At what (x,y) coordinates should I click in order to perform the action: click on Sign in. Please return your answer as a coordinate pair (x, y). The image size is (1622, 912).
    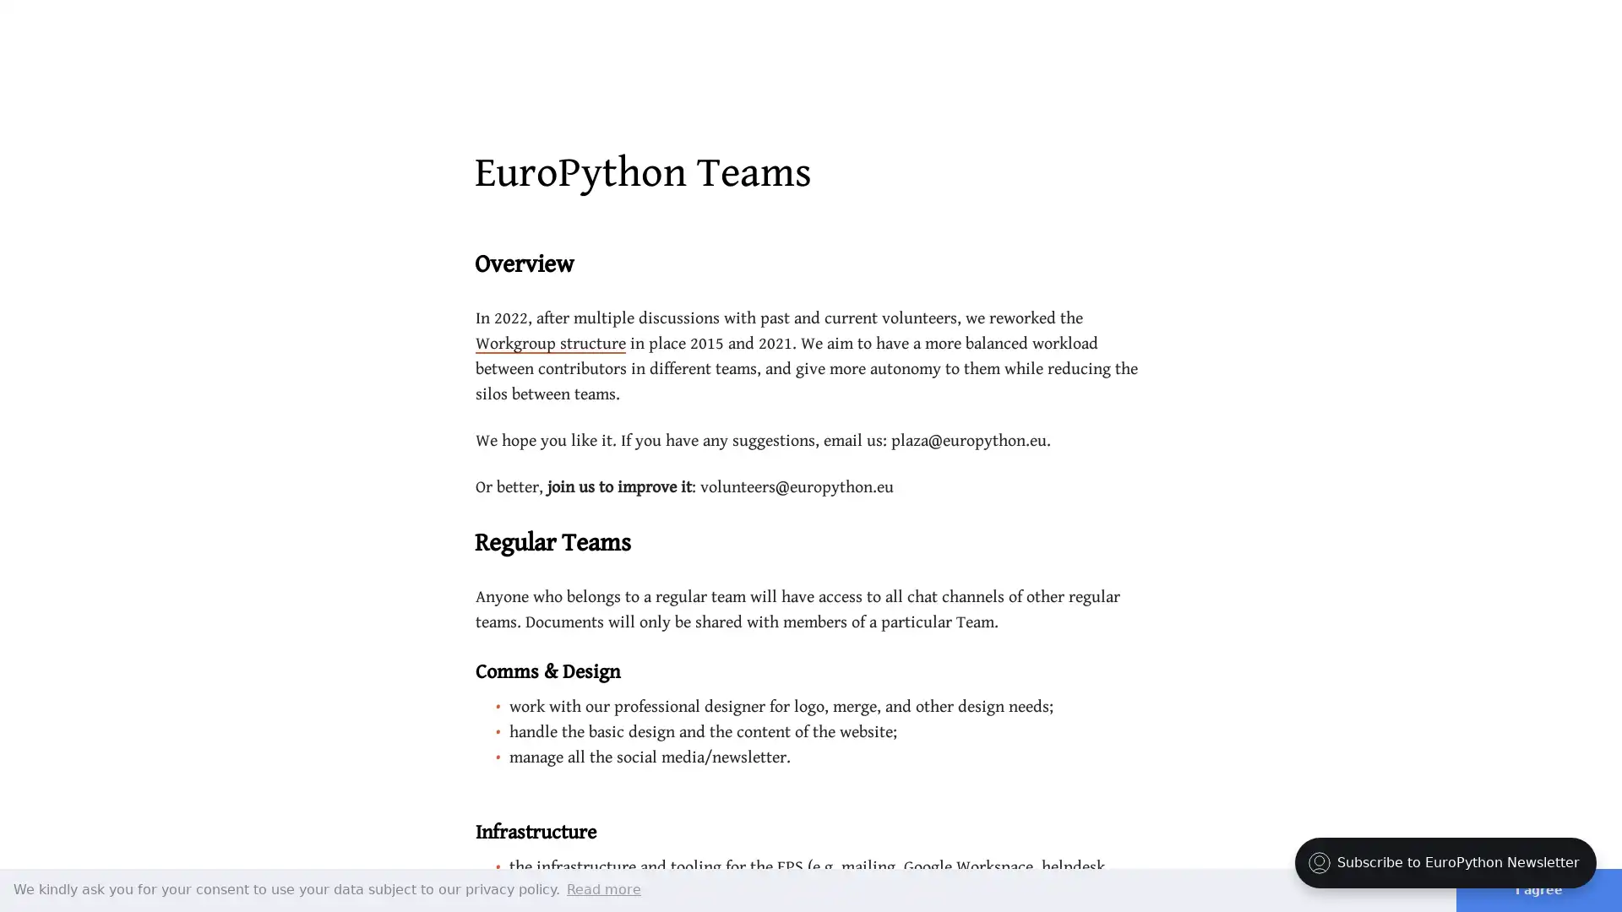
    Looking at the image, I should click on (1488, 33).